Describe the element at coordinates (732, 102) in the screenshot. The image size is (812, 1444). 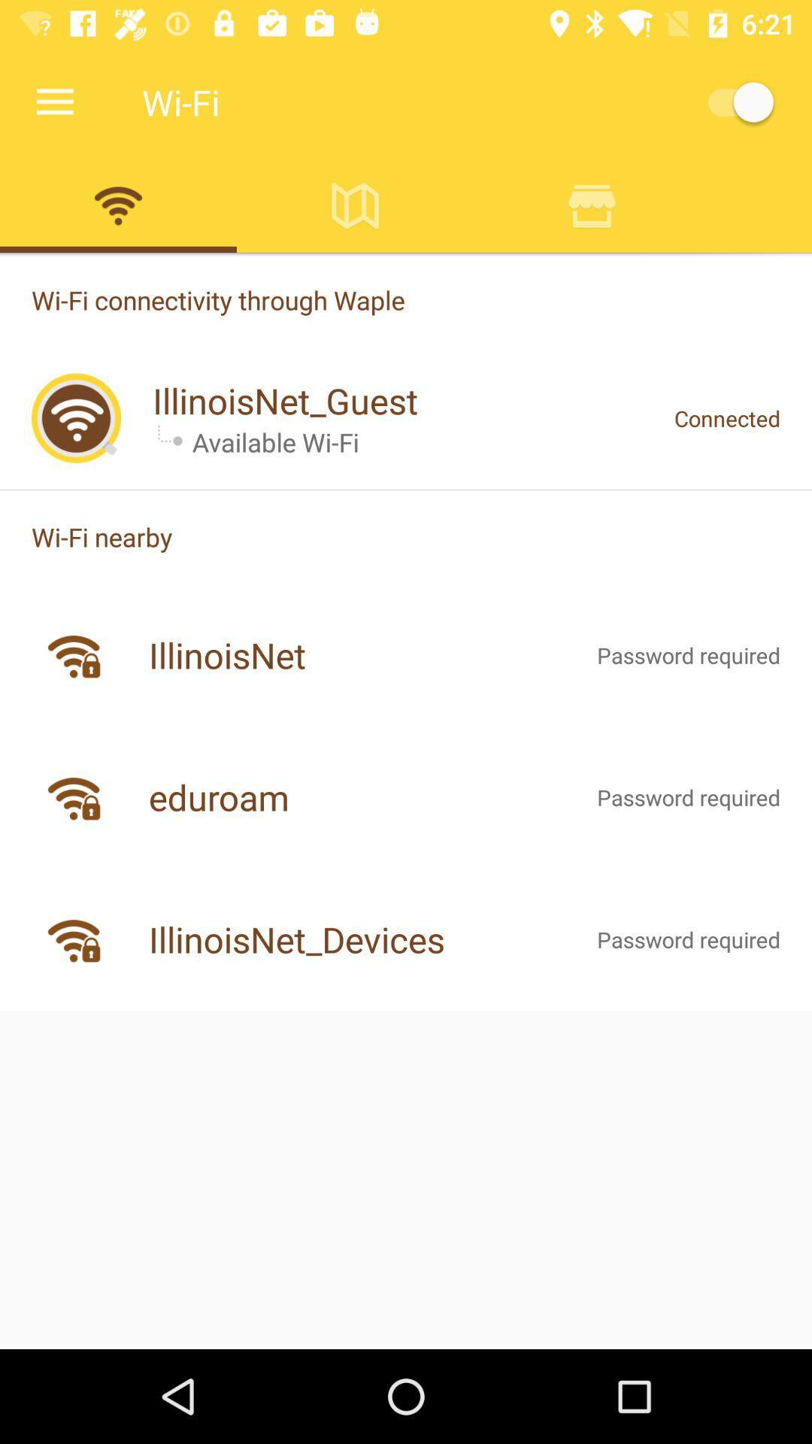
I see `wi-fi on/off` at that location.